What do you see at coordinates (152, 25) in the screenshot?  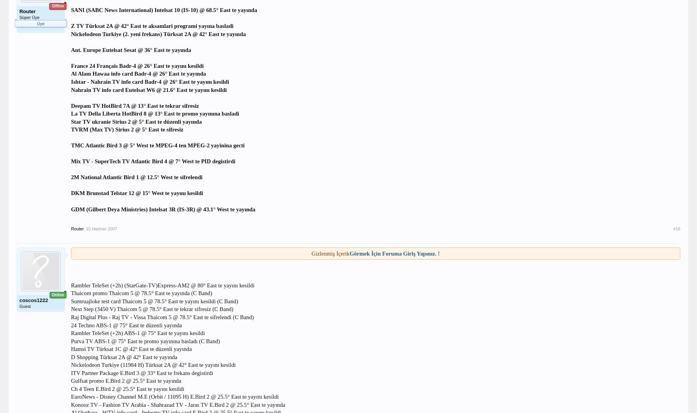 I see `'Z TV Türksat 2A @ 42° East te aksamlari programi yayına basladi'` at bounding box center [152, 25].